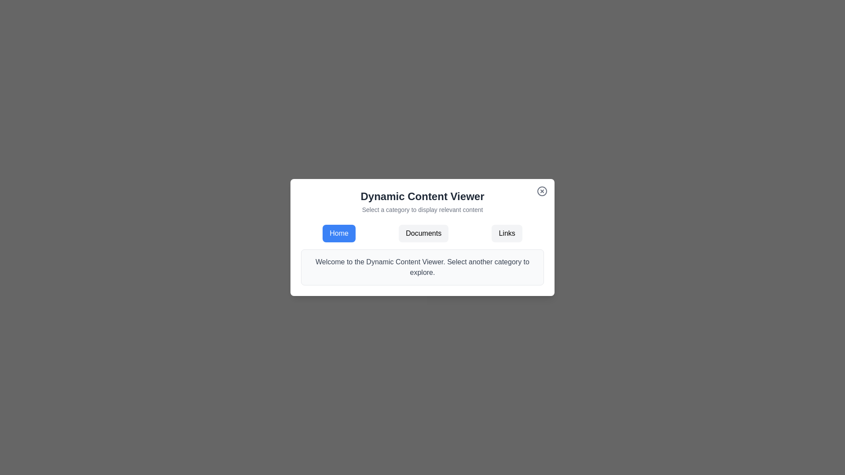 This screenshot has width=845, height=475. I want to click on the 'Documents' navigation button located in the center of the navigation bar, so click(423, 233).